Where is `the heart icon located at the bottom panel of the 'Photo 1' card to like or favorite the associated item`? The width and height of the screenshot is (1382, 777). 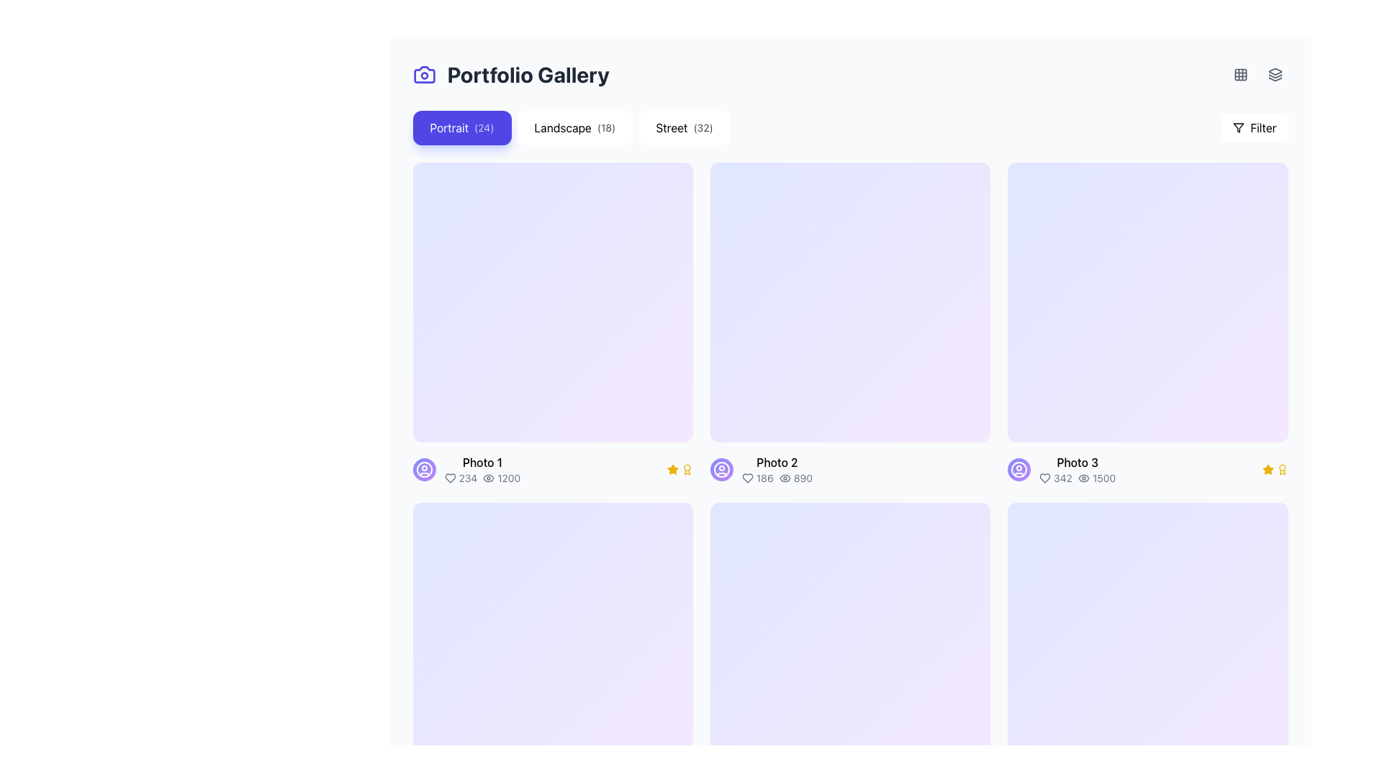
the heart icon located at the bottom panel of the 'Photo 1' card to like or favorite the associated item is located at coordinates (449, 478).